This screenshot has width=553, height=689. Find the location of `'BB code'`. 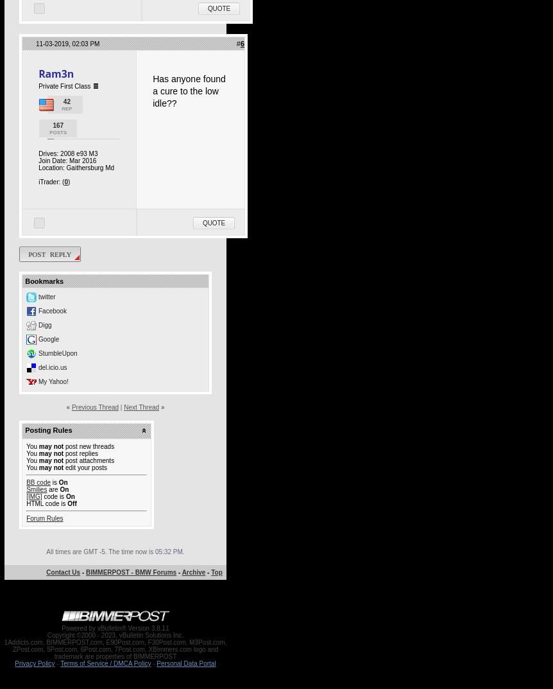

'BB code' is located at coordinates (38, 482).